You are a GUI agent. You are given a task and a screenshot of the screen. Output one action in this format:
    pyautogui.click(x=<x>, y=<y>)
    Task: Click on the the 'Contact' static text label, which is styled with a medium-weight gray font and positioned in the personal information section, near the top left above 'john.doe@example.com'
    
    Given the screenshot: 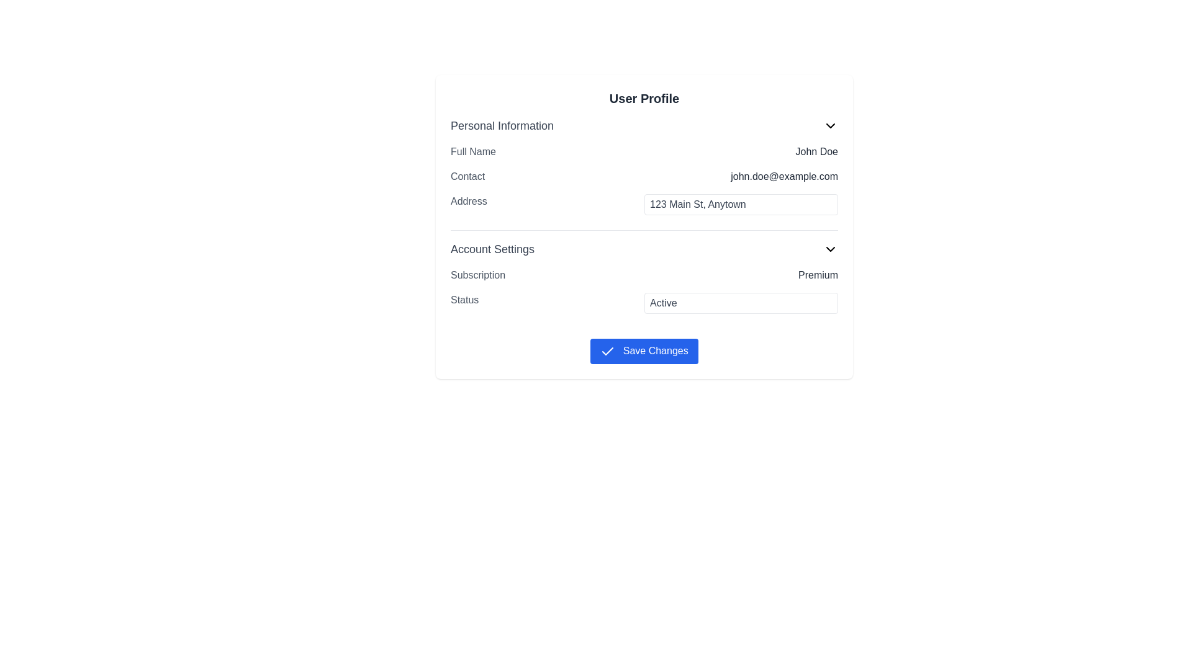 What is the action you would take?
    pyautogui.click(x=467, y=177)
    